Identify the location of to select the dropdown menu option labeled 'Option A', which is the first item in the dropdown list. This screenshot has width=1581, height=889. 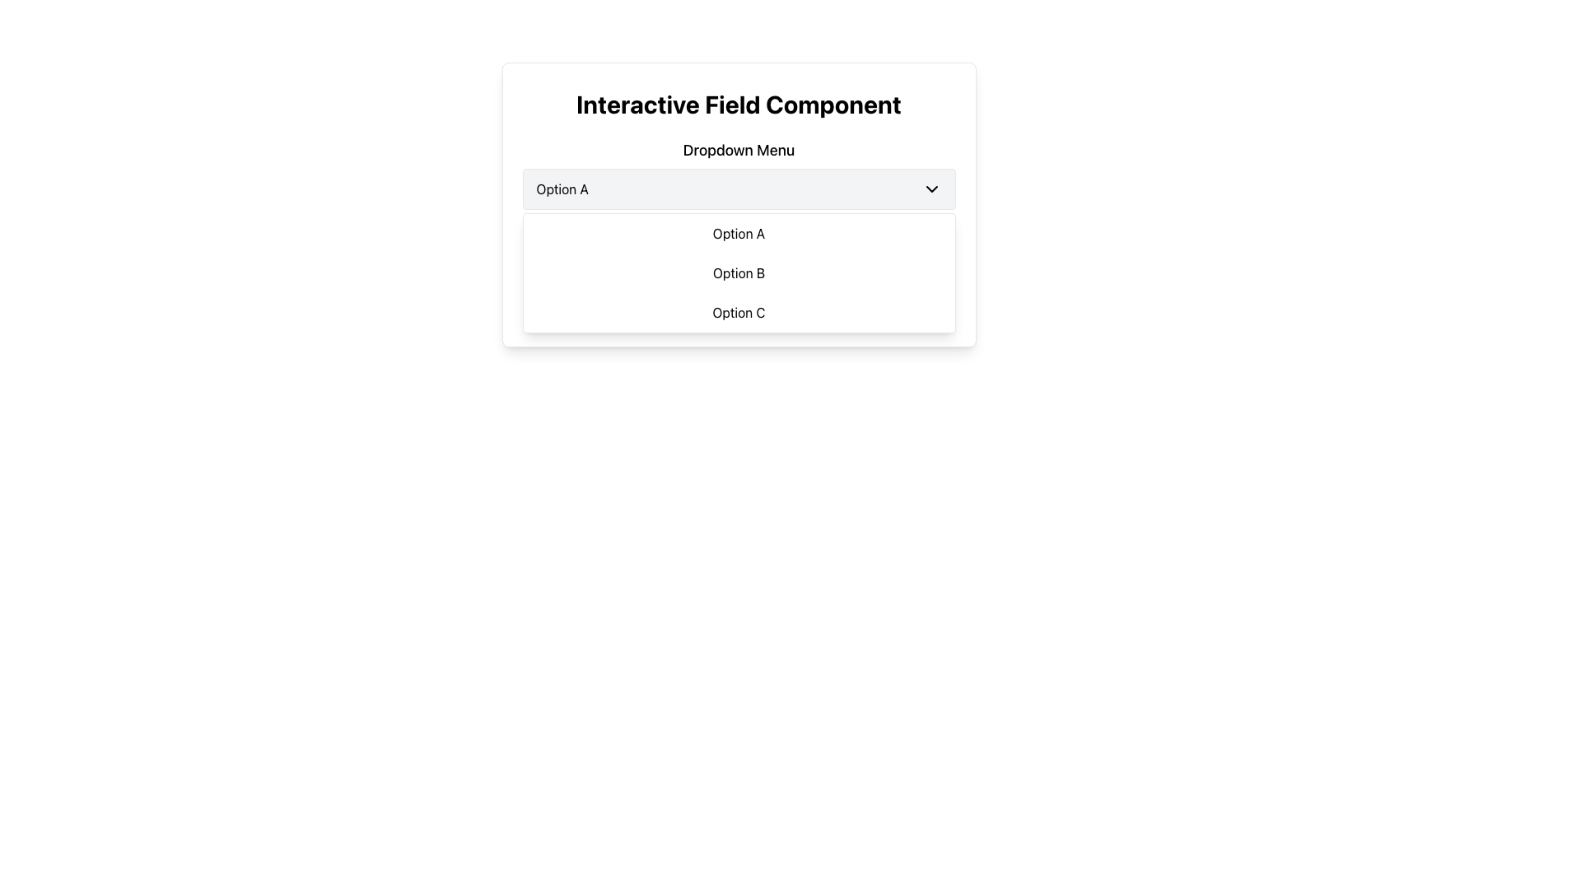
(738, 239).